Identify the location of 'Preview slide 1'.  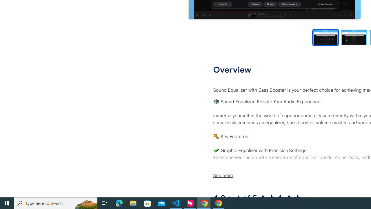
(325, 37).